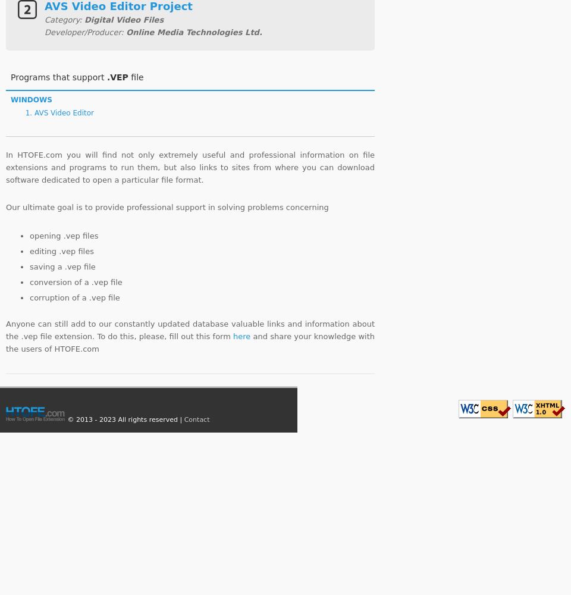 The image size is (571, 595). What do you see at coordinates (128, 77) in the screenshot?
I see `'file'` at bounding box center [128, 77].